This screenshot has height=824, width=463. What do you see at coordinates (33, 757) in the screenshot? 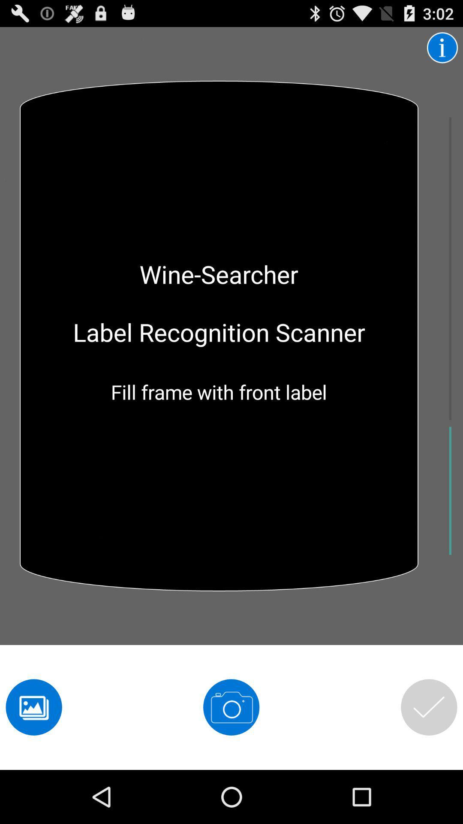
I see `the wallpaper icon` at bounding box center [33, 757].